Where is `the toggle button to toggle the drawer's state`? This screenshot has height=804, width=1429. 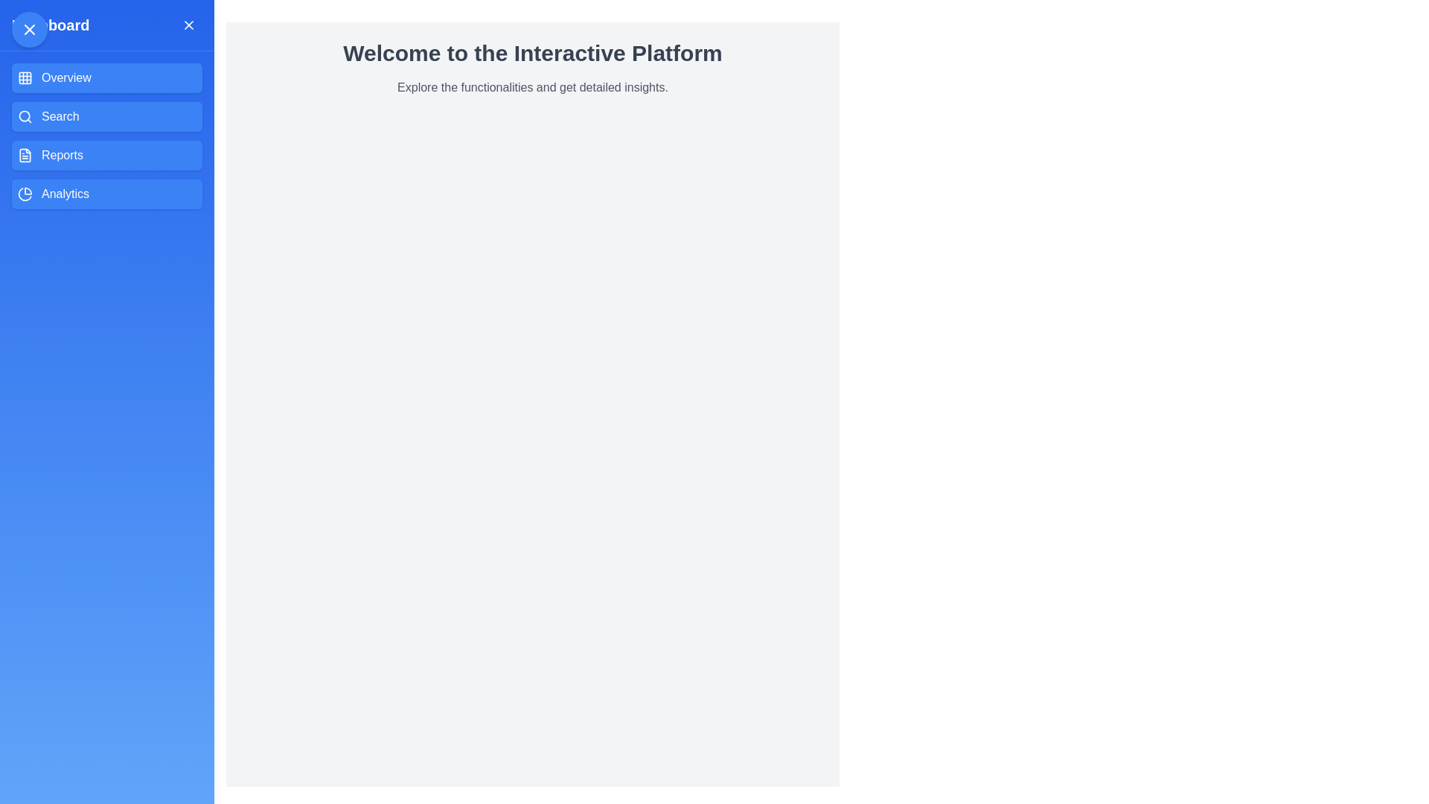
the toggle button to toggle the drawer's state is located at coordinates (29, 29).